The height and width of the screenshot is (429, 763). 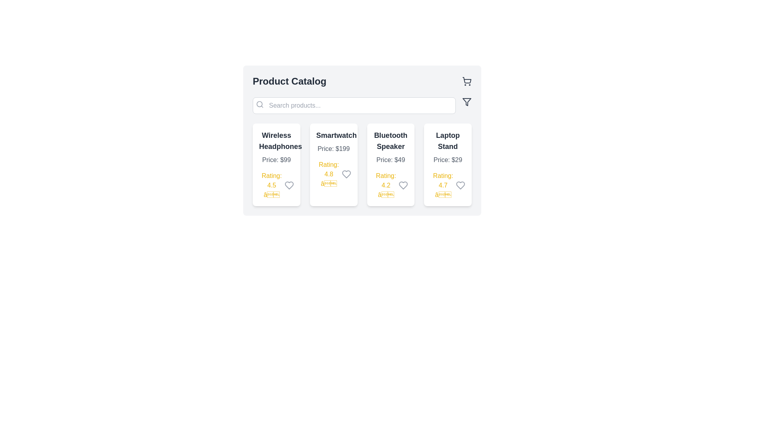 I want to click on the heart icon located at the bottom-right corner of the 'Laptop Stand' product card to mark the item as a favorite, so click(x=460, y=185).